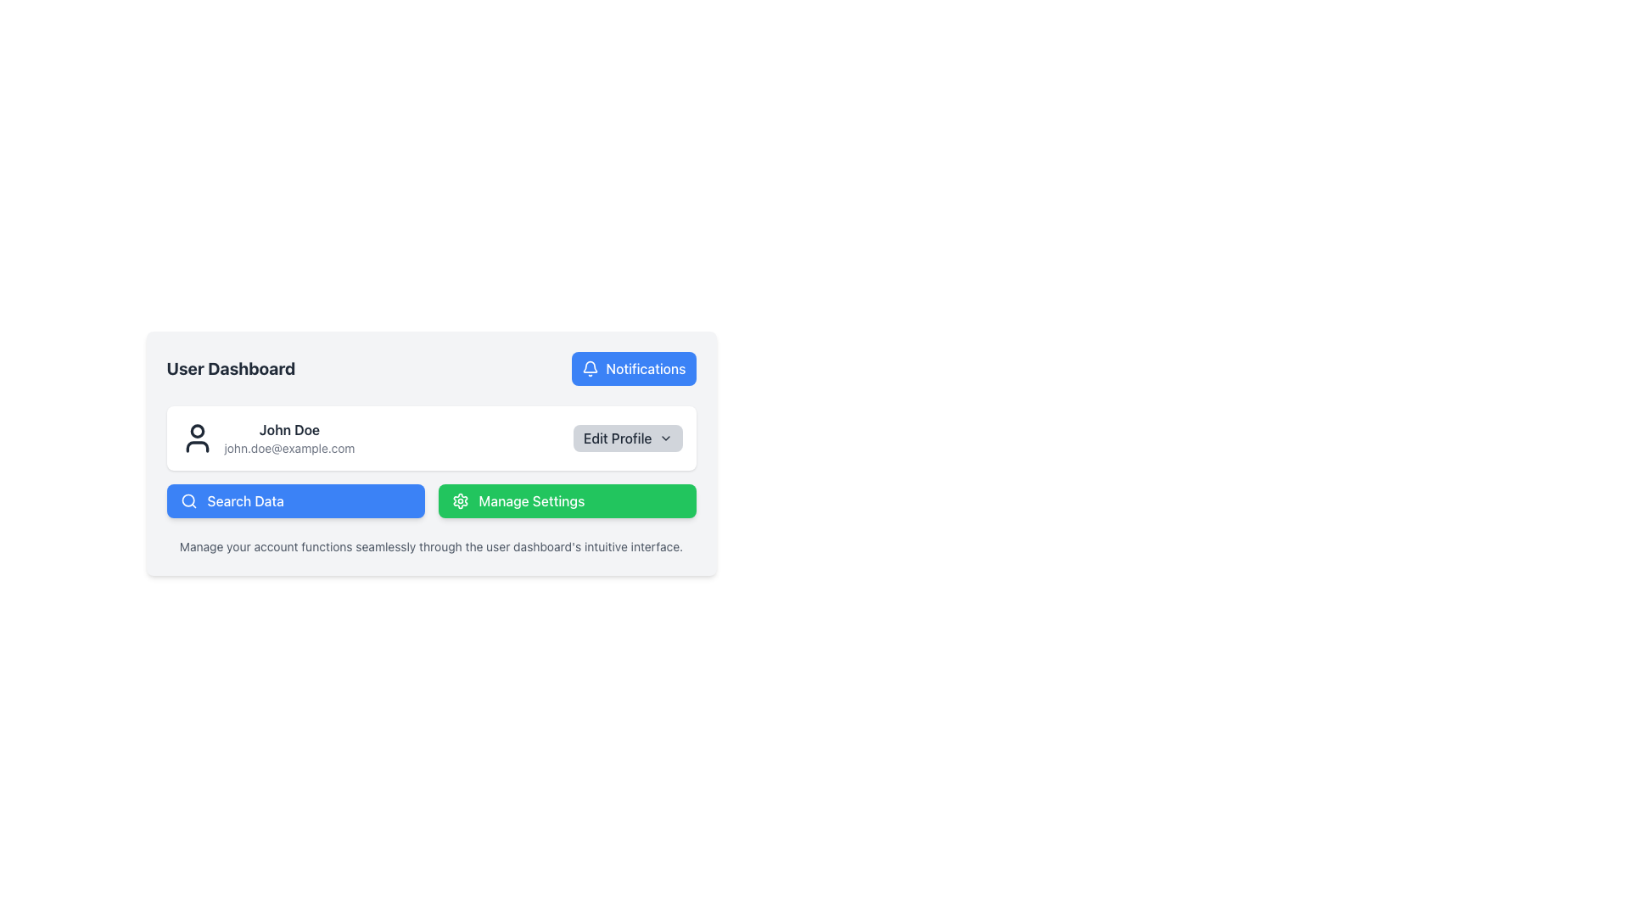 The width and height of the screenshot is (1629, 916). I want to click on the settings icon located within the green 'Manage Settings' button in the user dashboard, so click(460, 500).